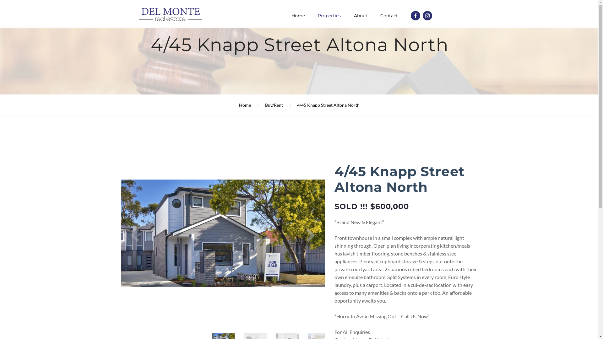  What do you see at coordinates (328, 105) in the screenshot?
I see `'4/45 Knapp Street Altona North'` at bounding box center [328, 105].